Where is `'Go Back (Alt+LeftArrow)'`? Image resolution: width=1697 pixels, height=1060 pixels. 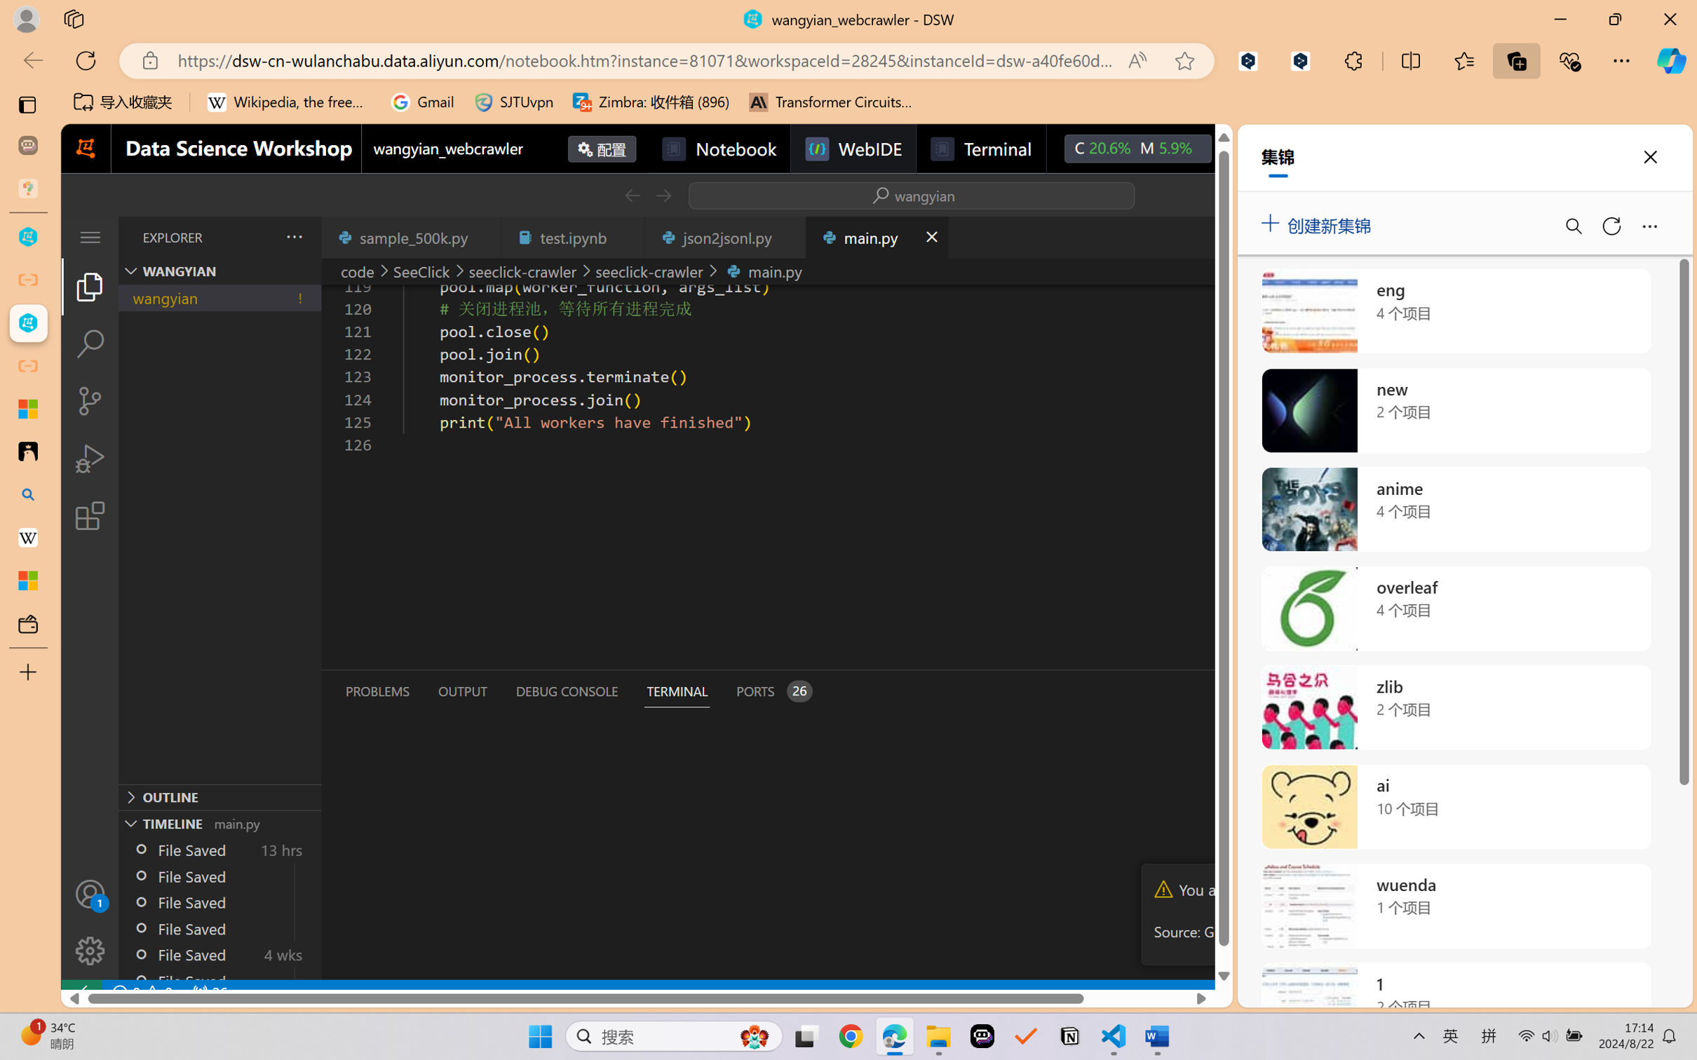 'Go Back (Alt+LeftArrow)' is located at coordinates (630, 195).